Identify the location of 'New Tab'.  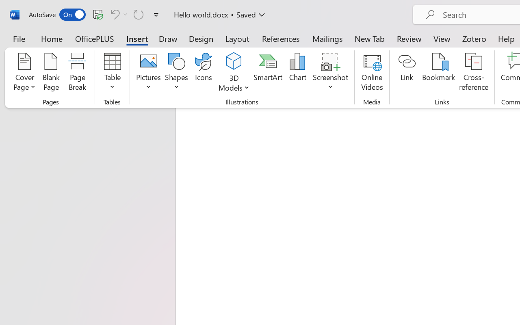
(369, 38).